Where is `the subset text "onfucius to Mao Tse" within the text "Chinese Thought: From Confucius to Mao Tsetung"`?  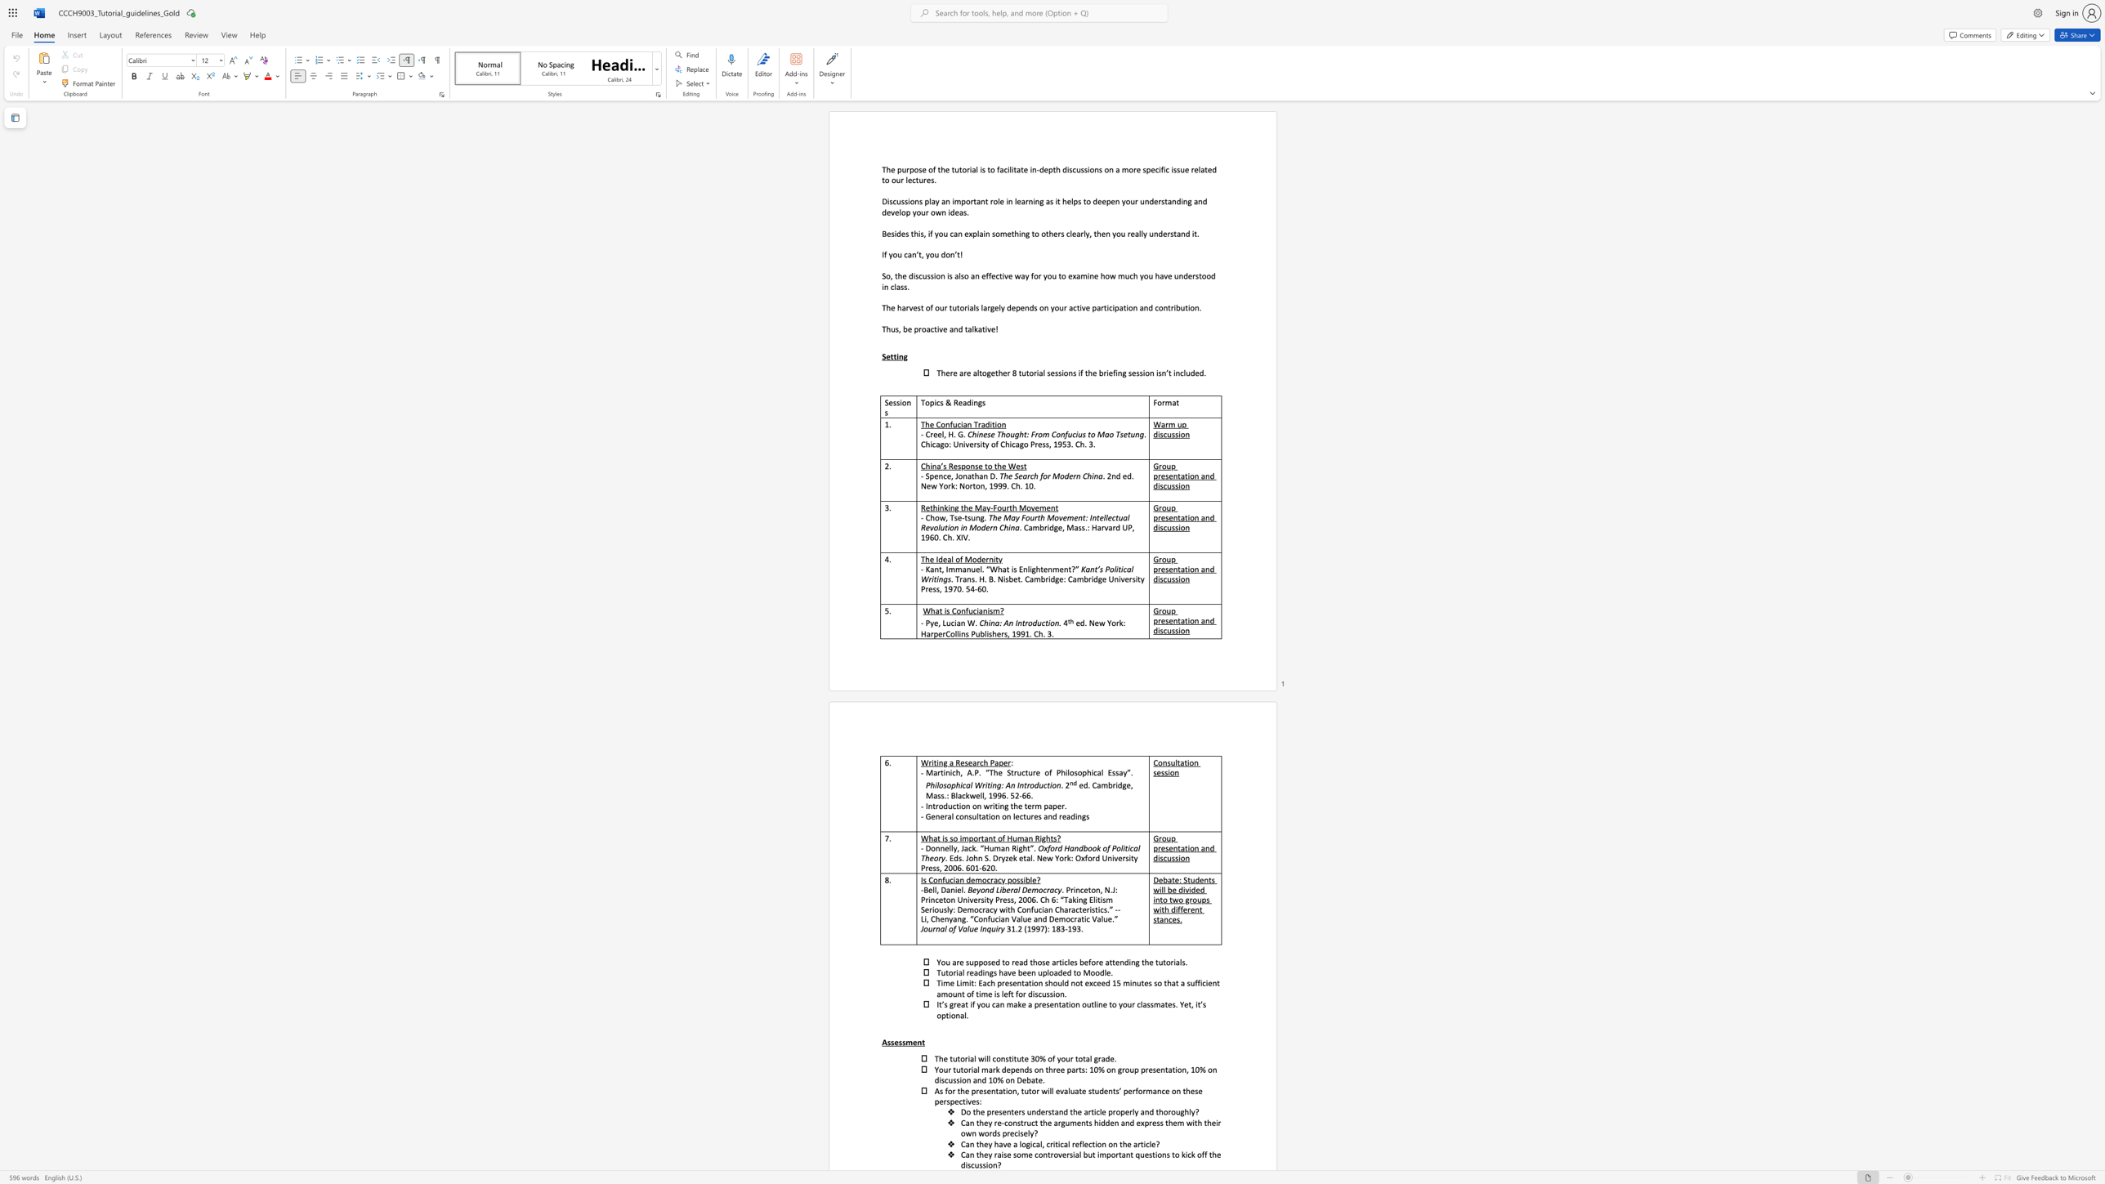
the subset text "onfucius to Mao Tse" within the text "Chinese Thought: From Confucius to Mao Tsetung" is located at coordinates (1056, 434).